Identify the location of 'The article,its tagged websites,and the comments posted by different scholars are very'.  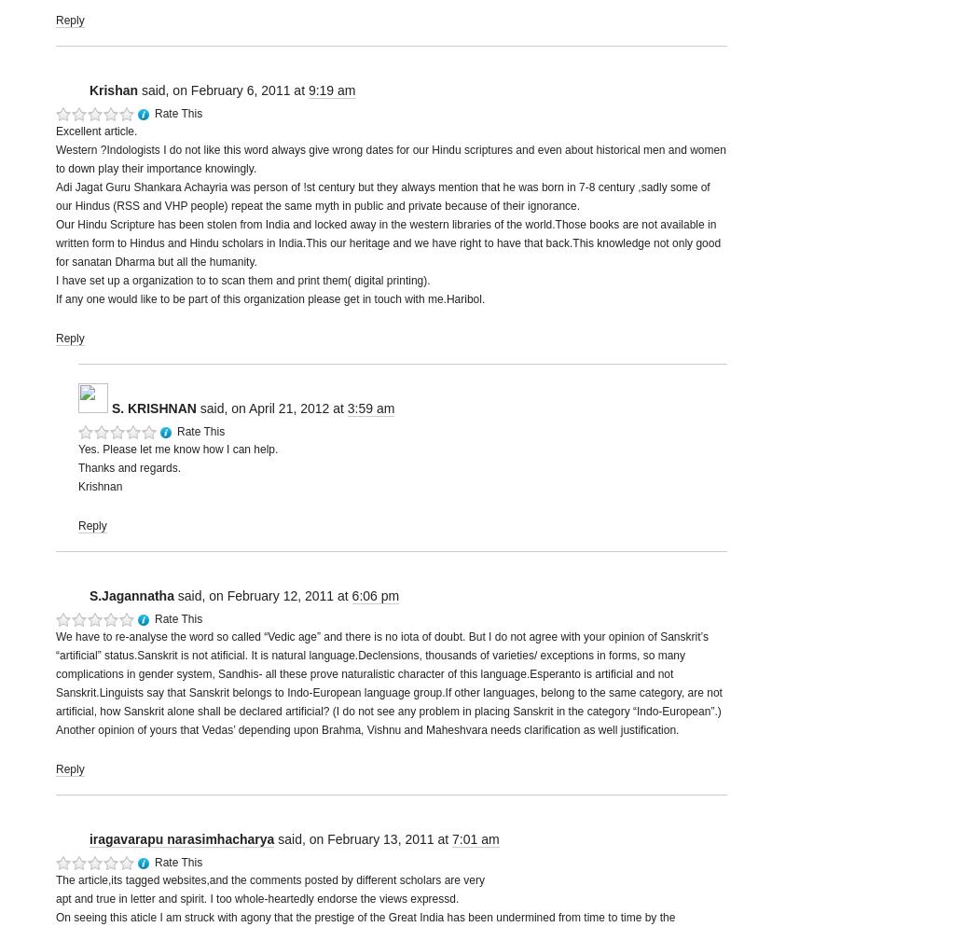
(269, 880).